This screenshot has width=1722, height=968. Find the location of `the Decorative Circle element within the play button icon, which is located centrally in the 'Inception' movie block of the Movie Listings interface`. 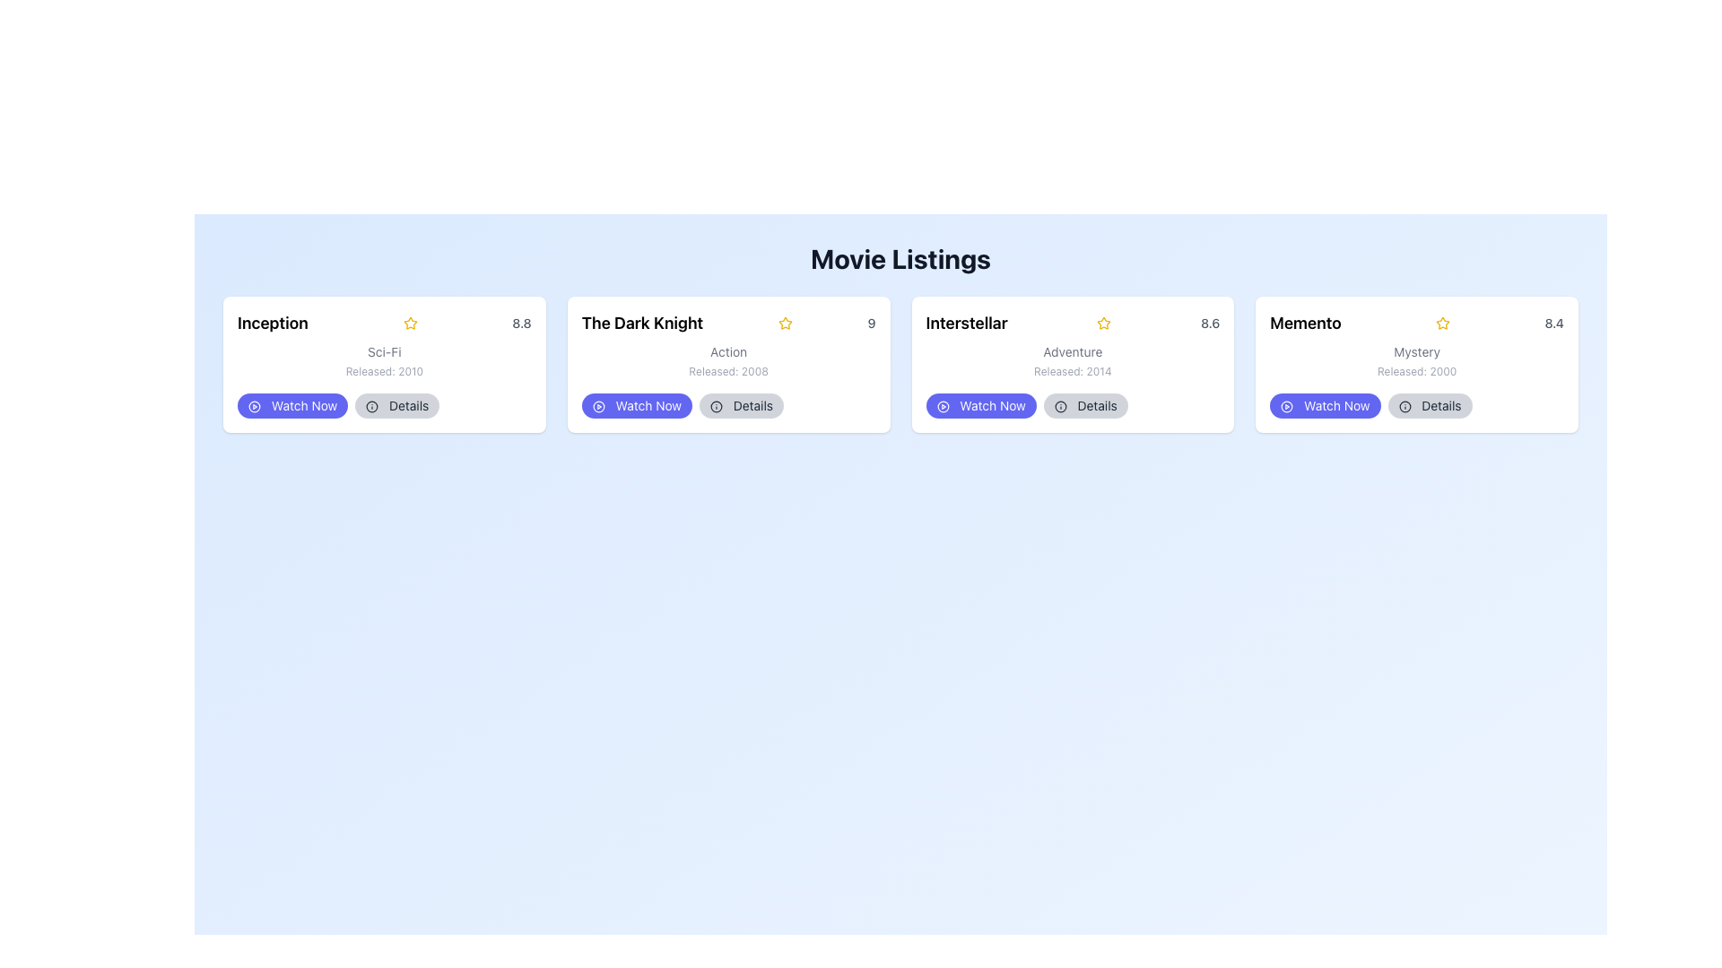

the Decorative Circle element within the play button icon, which is located centrally in the 'Inception' movie block of the Movie Listings interface is located at coordinates (253, 407).